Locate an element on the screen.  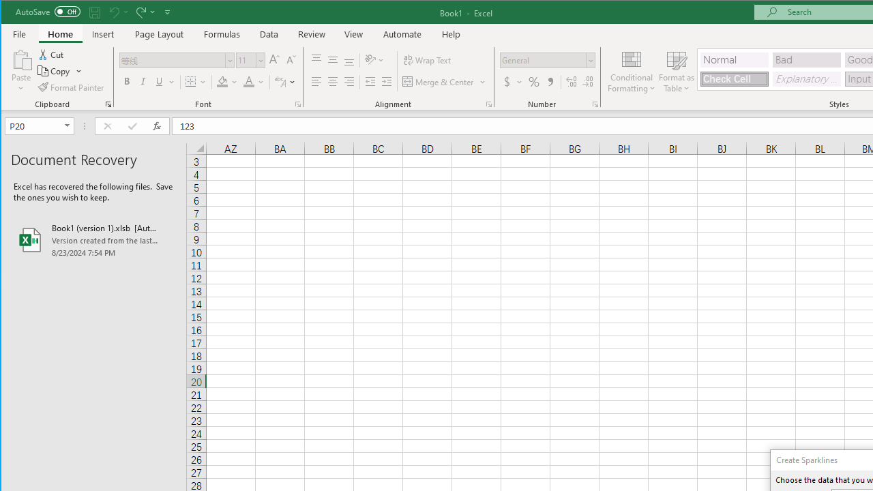
'Percent Style' is located at coordinates (533, 82).